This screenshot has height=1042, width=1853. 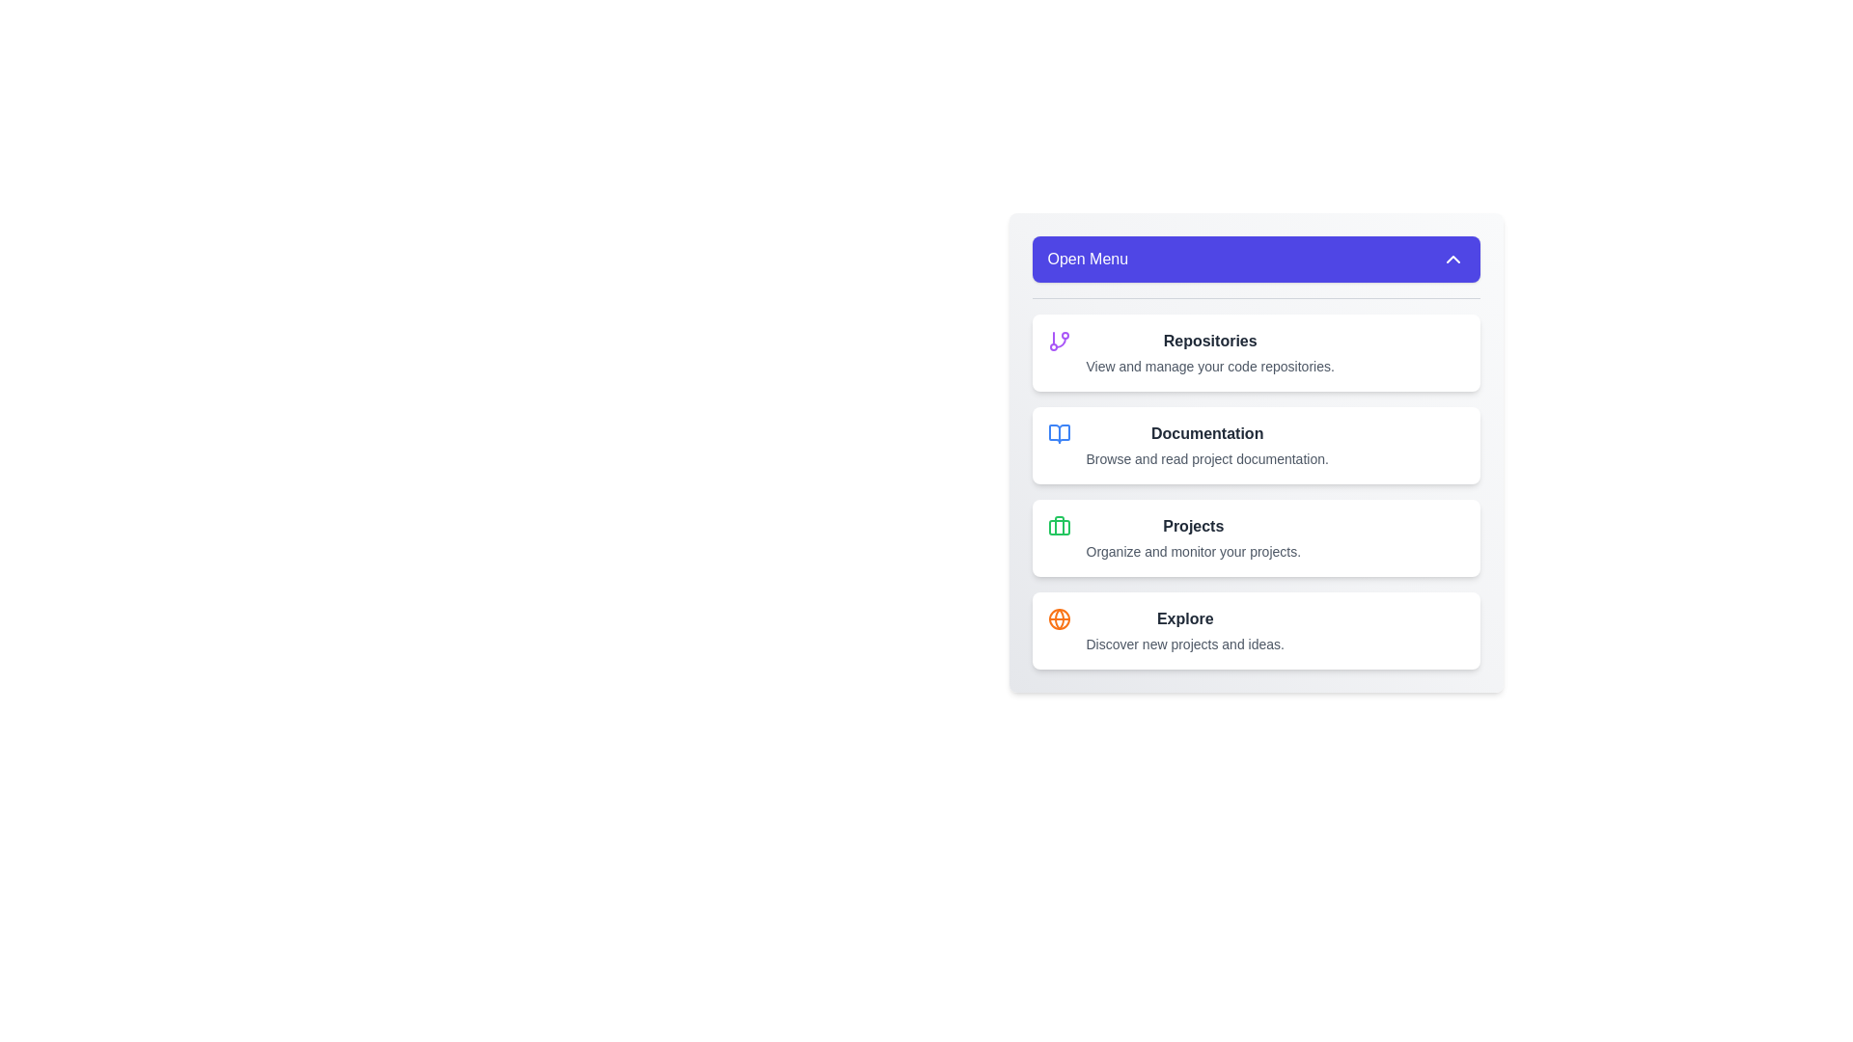 I want to click on the upward-facing chevron icon located within the blue 'Open Menu' button, so click(x=1452, y=259).